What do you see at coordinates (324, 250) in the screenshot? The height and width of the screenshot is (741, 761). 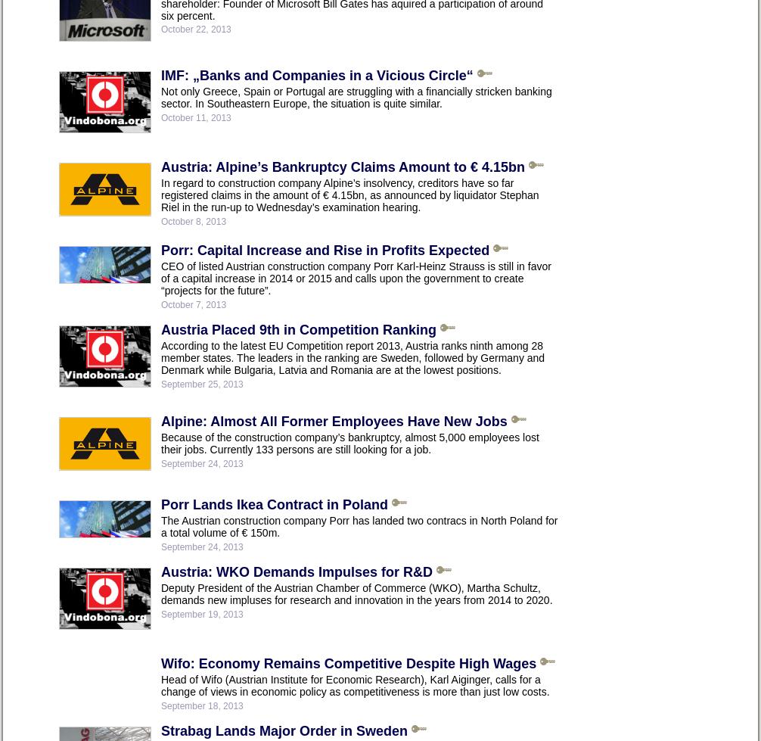 I see `'Porr: Capital Increase and Rise in Profits Expected'` at bounding box center [324, 250].